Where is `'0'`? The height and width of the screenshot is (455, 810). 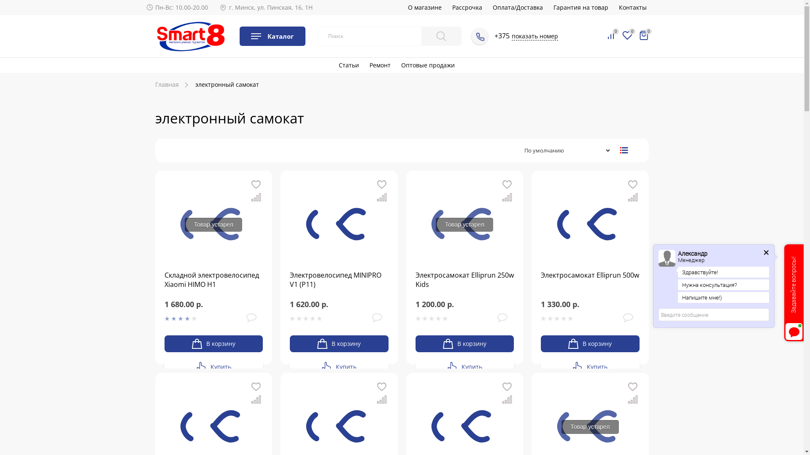 '0' is located at coordinates (605, 35).